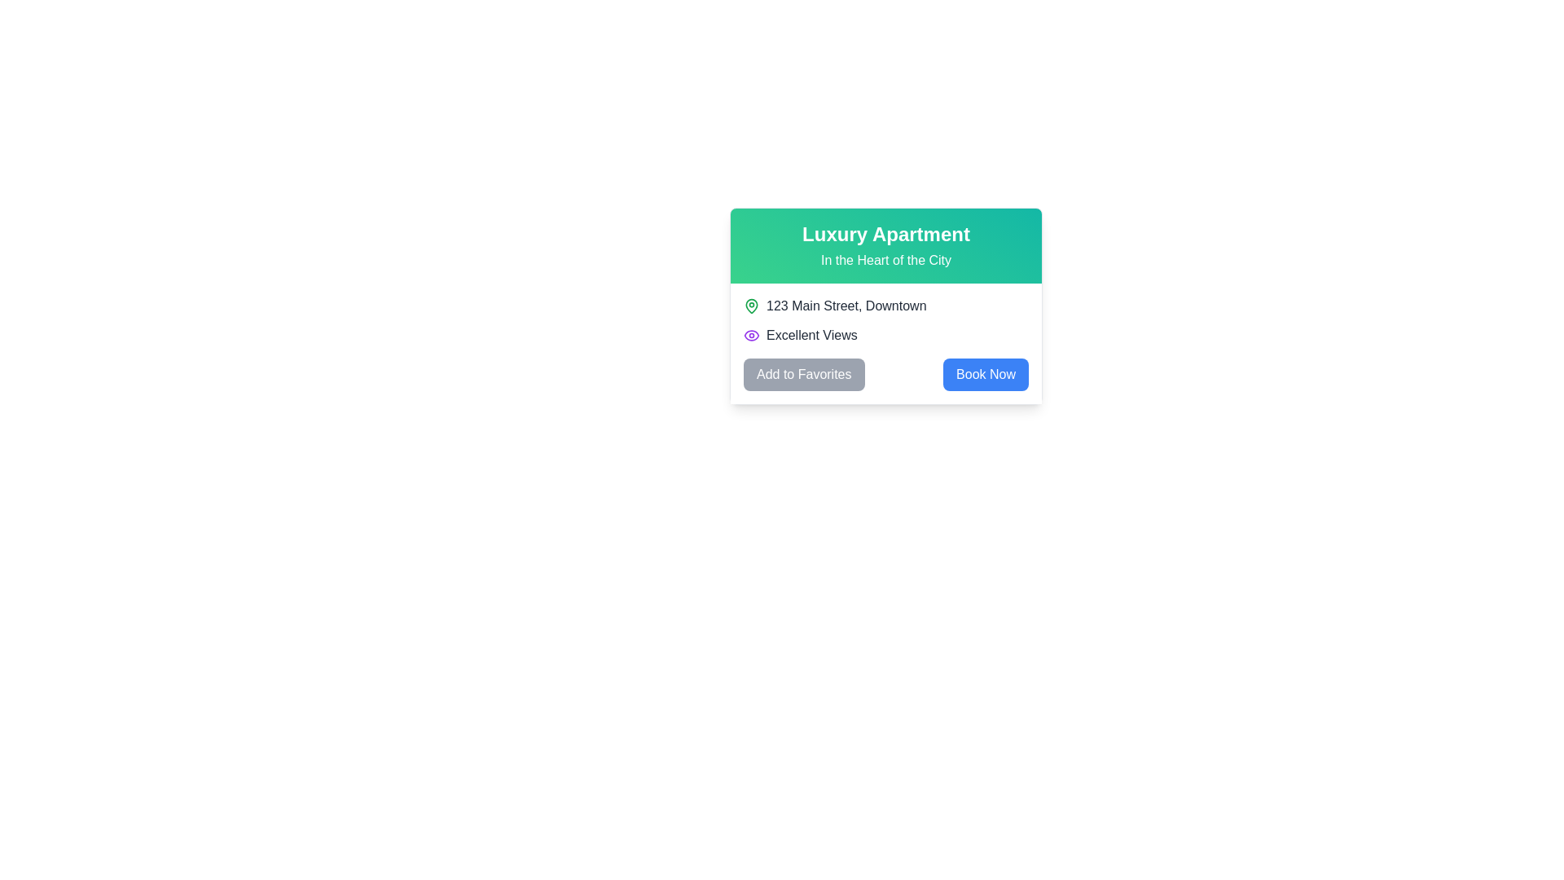 The image size is (1564, 880). What do you see at coordinates (811, 335) in the screenshot?
I see `the 'Excellent Views' text label, which is aligned to the right of an eye icon in a horizontal layout` at bounding box center [811, 335].